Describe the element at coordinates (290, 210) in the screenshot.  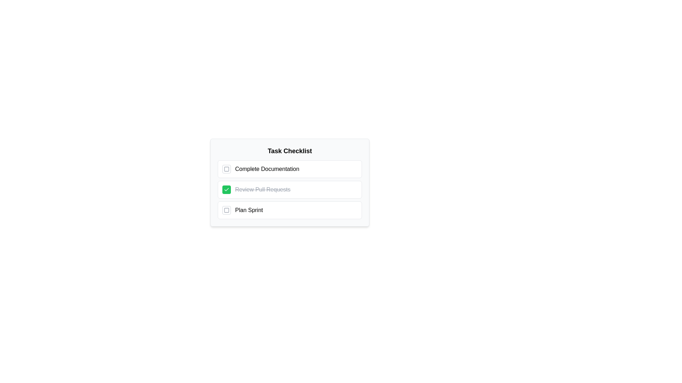
I see `the interactive checkbox of the last task item in the 'Task Checklist'` at that location.